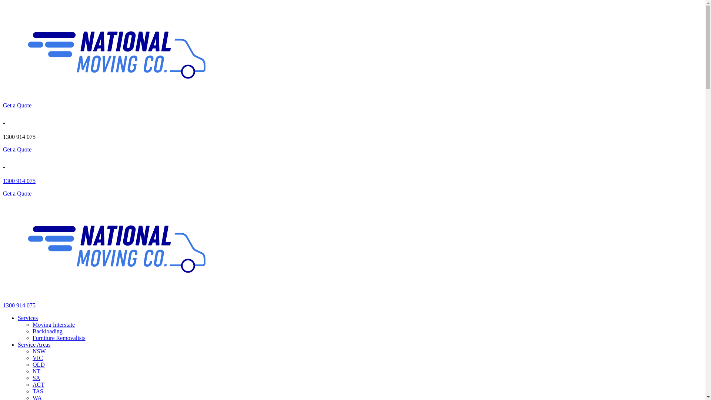 The width and height of the screenshot is (711, 400). Describe the element at coordinates (47, 331) in the screenshot. I see `'Backloading'` at that location.